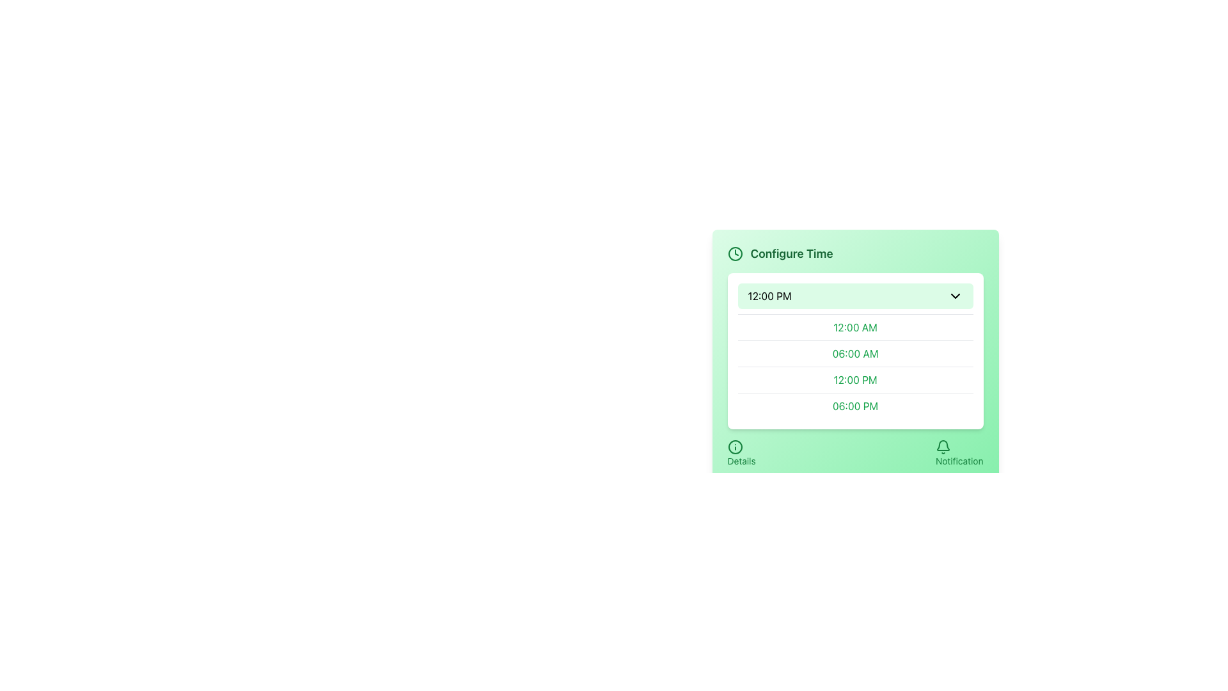  I want to click on an option from the dropdown menu displaying '12:00 PM' in light green, located below the title 'Configure Time', so click(855, 351).